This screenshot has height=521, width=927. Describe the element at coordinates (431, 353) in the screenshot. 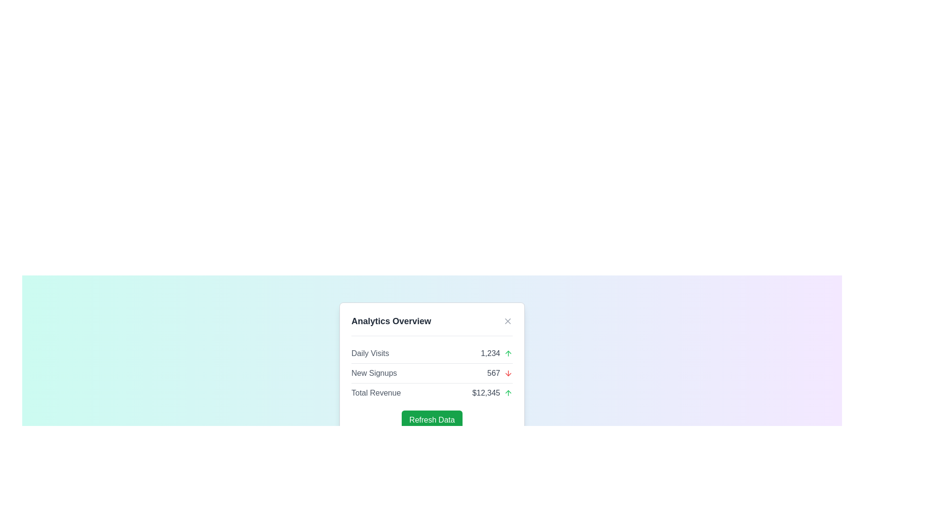

I see `the Informational row that displays the number of daily visits with a green upward arrow, located directly below the 'Analytics Overview' title` at that location.